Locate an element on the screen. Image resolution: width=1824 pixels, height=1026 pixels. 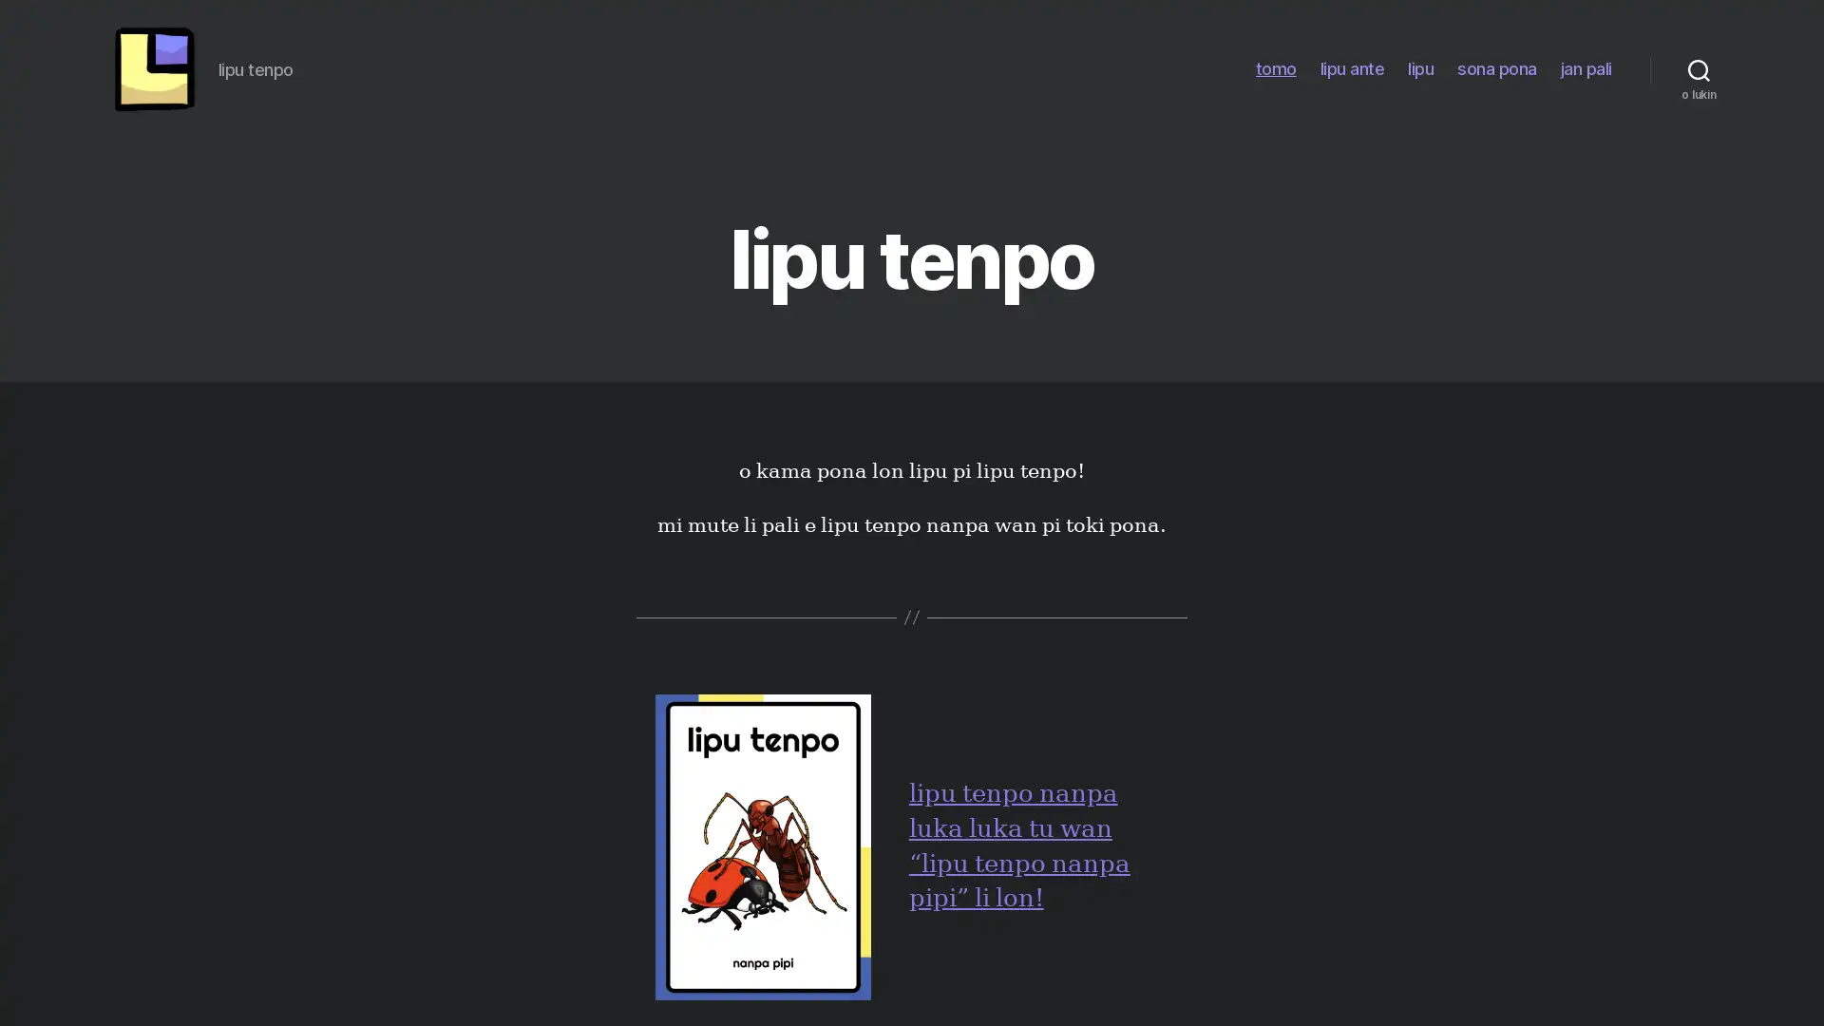
o lukin is located at coordinates (1699, 68).